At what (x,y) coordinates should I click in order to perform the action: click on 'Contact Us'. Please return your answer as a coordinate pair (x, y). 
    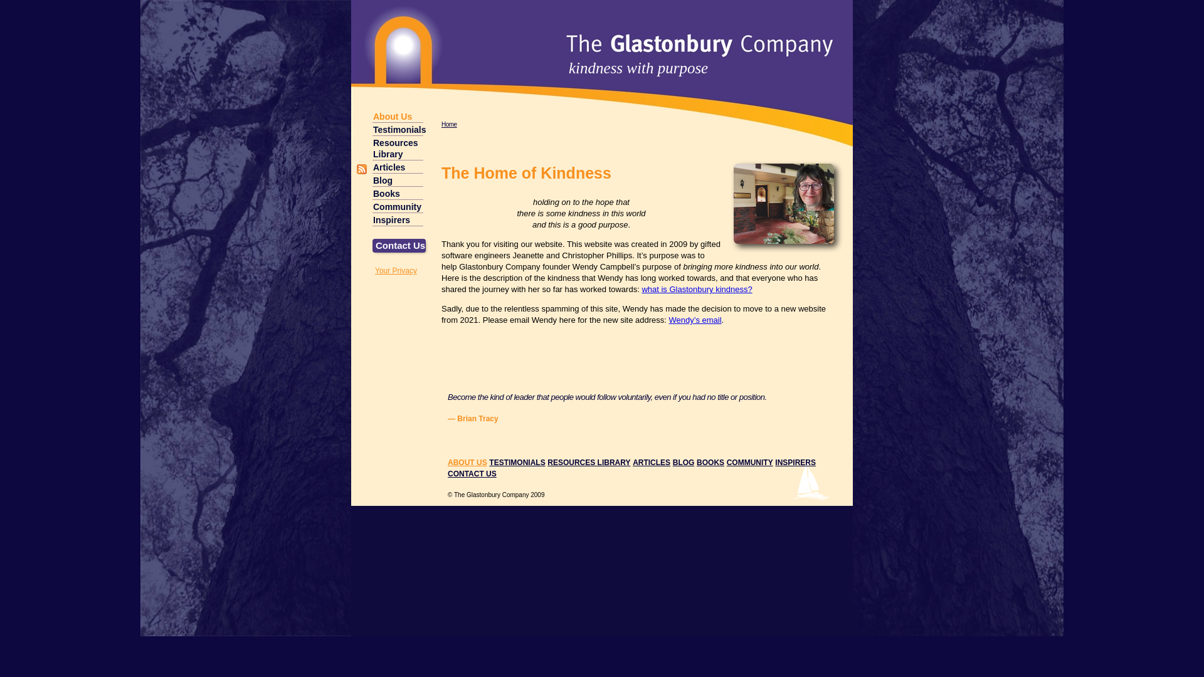
    Looking at the image, I should click on (398, 246).